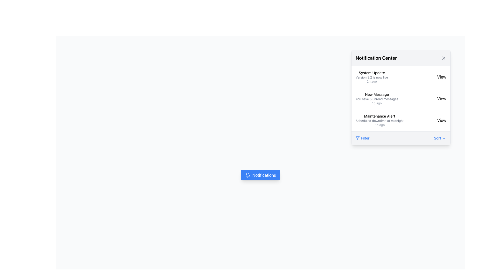 The width and height of the screenshot is (497, 279). Describe the element at coordinates (379, 125) in the screenshot. I see `the text label displaying '3d ago' in grayish color, located within the 'Notification Center' under the 'Maintenance Alert' notification` at that location.